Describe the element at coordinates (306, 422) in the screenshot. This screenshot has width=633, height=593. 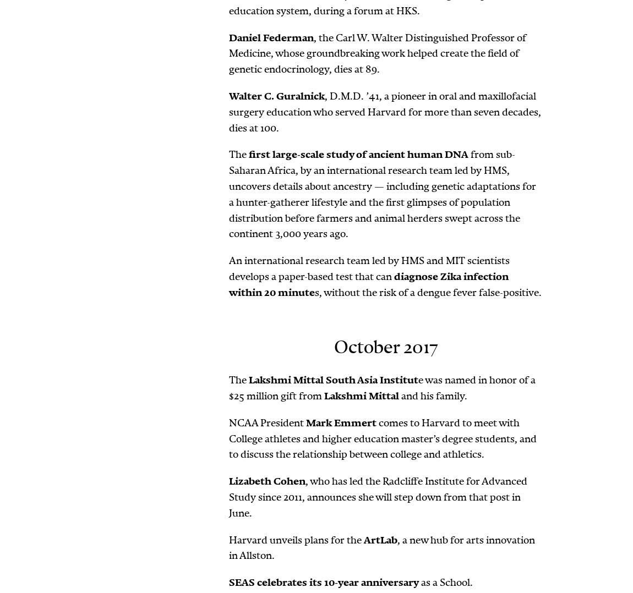
I see `'Mark Emmert'` at that location.